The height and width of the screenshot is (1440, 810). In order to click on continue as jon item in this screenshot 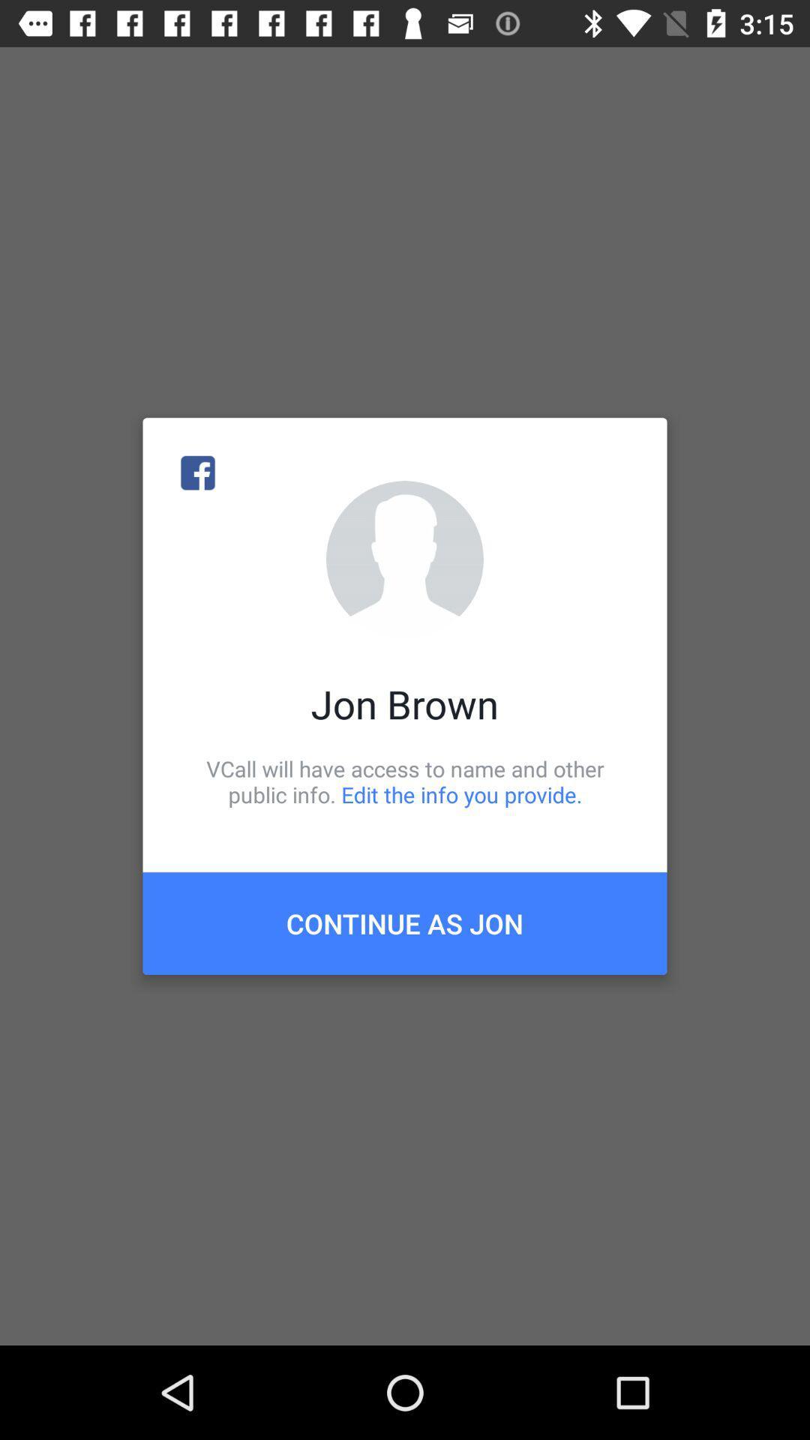, I will do `click(405, 922)`.